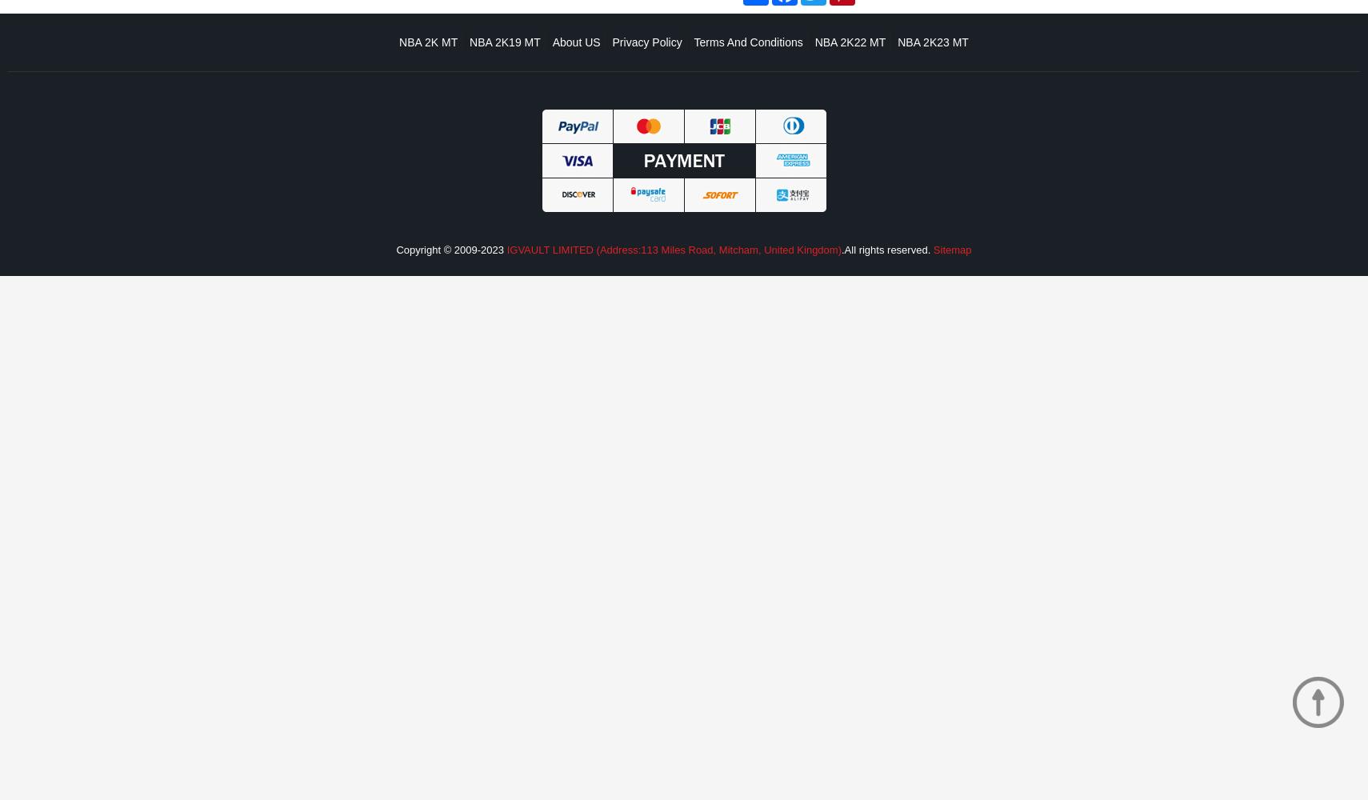 This screenshot has width=1368, height=800. What do you see at coordinates (470, 42) in the screenshot?
I see `'NBA 2K19 MT'` at bounding box center [470, 42].